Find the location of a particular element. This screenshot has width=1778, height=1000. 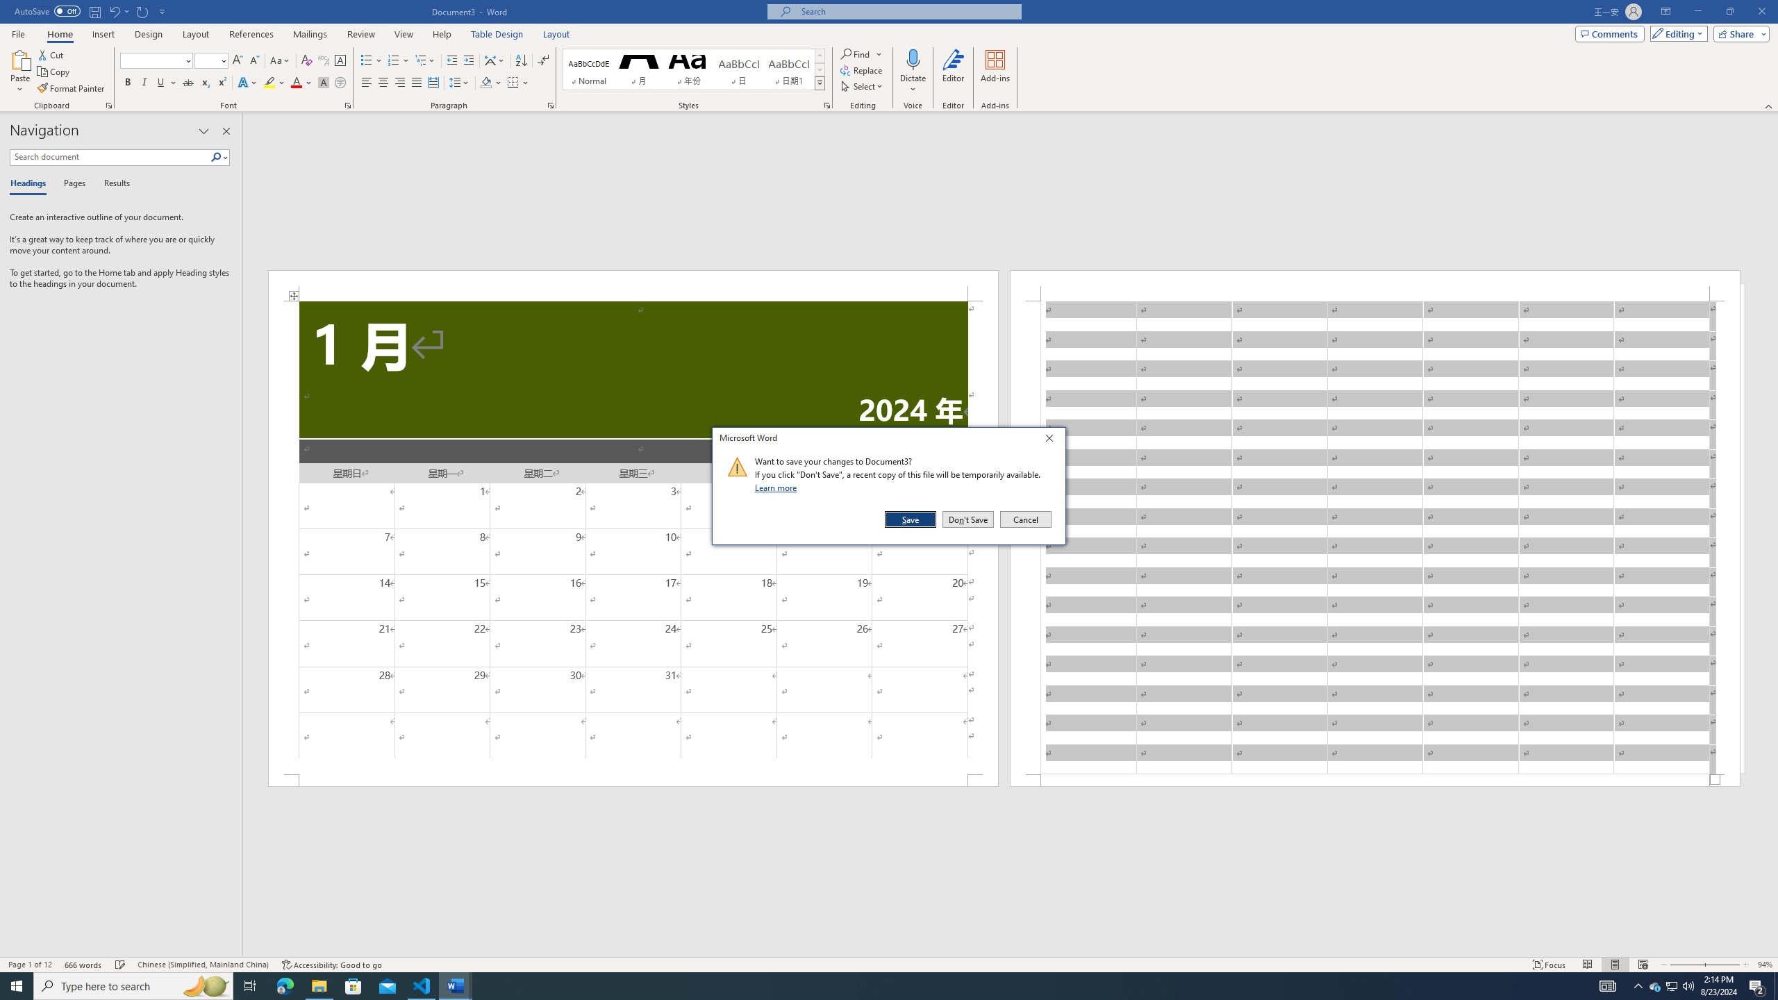

'AutomationID: 4105' is located at coordinates (1608, 985).